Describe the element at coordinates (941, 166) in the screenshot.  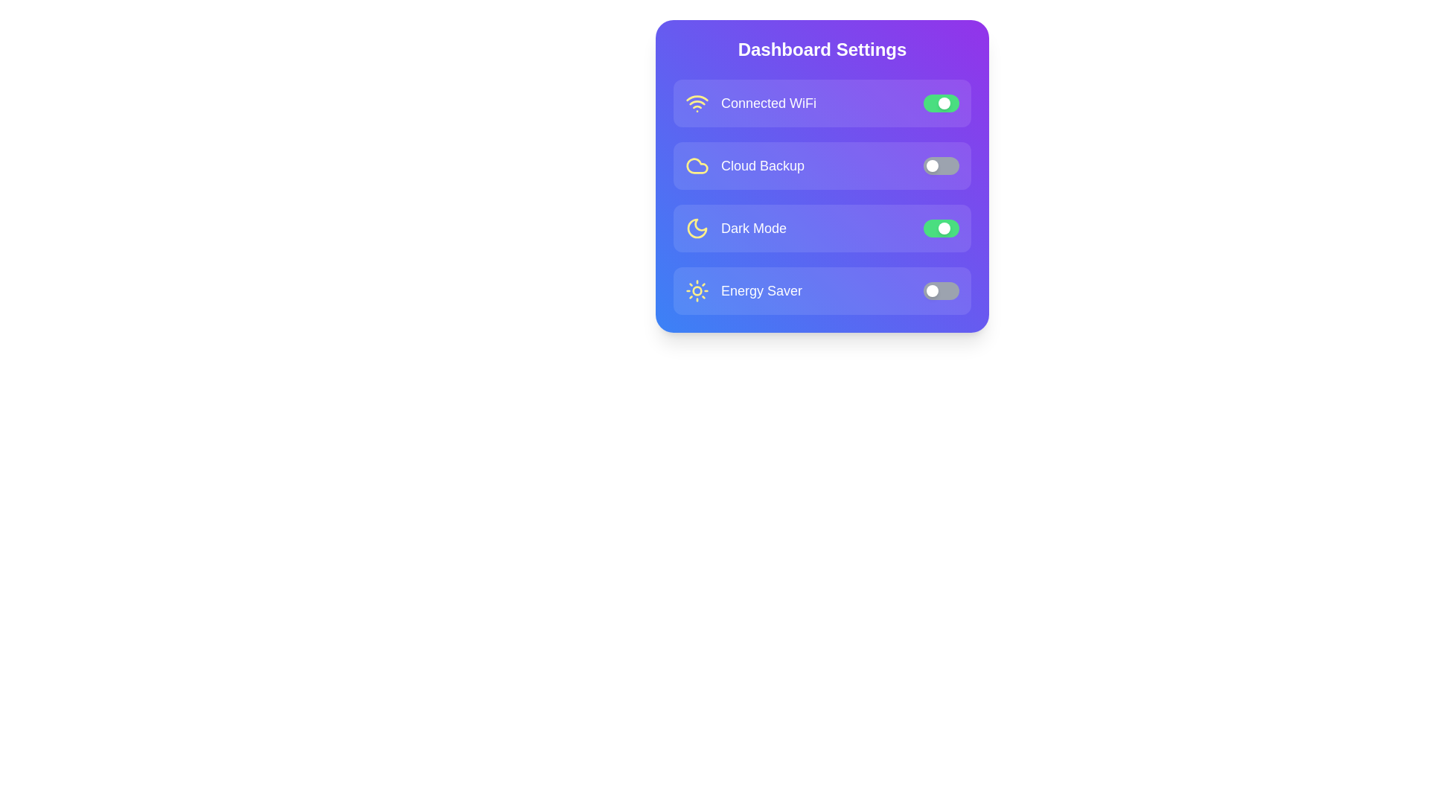
I see `the setting Cloud Backup by clicking its toggle button` at that location.